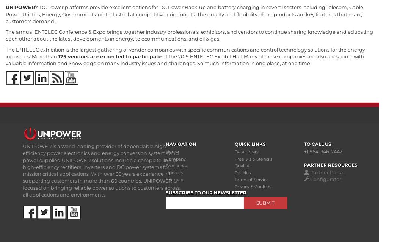 The width and height of the screenshot is (400, 242). What do you see at coordinates (326, 172) in the screenshot?
I see `'Partner Portal'` at bounding box center [326, 172].